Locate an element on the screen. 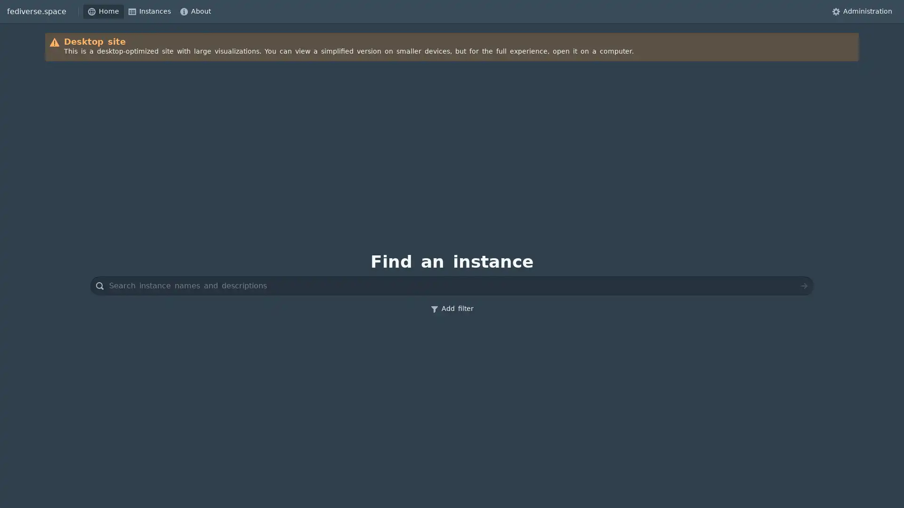 This screenshot has height=508, width=904. Add filter is located at coordinates (451, 309).